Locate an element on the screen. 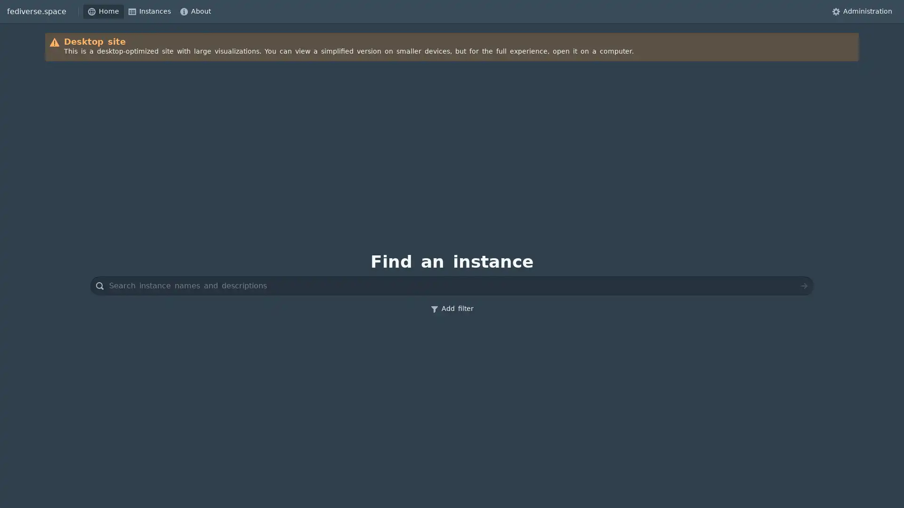 This screenshot has height=508, width=904. Add filter is located at coordinates (451, 309).